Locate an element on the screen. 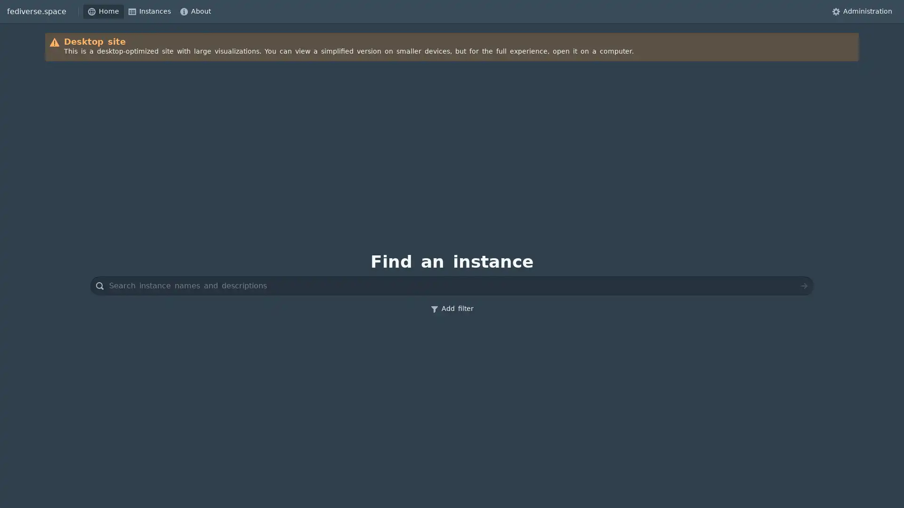 This screenshot has height=508, width=904. Add filter is located at coordinates (451, 309).